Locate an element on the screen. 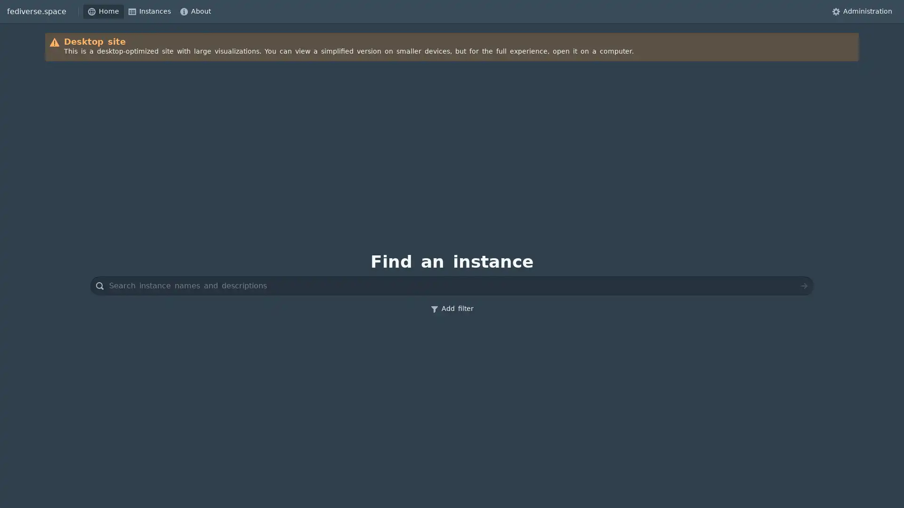 This screenshot has height=508, width=904. Add filter is located at coordinates (451, 309).